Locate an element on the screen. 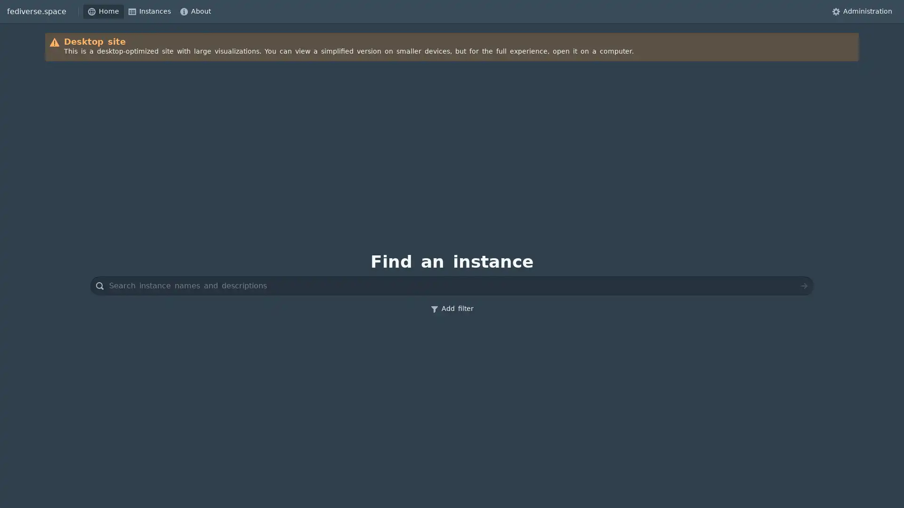 This screenshot has height=508, width=904. Add filter is located at coordinates (451, 309).